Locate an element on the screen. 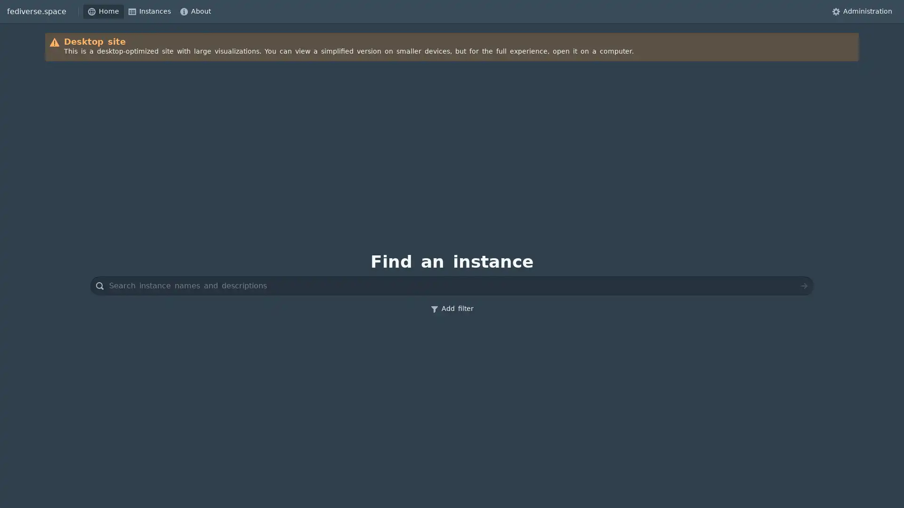 This screenshot has height=508, width=904. Add filter is located at coordinates (451, 309).